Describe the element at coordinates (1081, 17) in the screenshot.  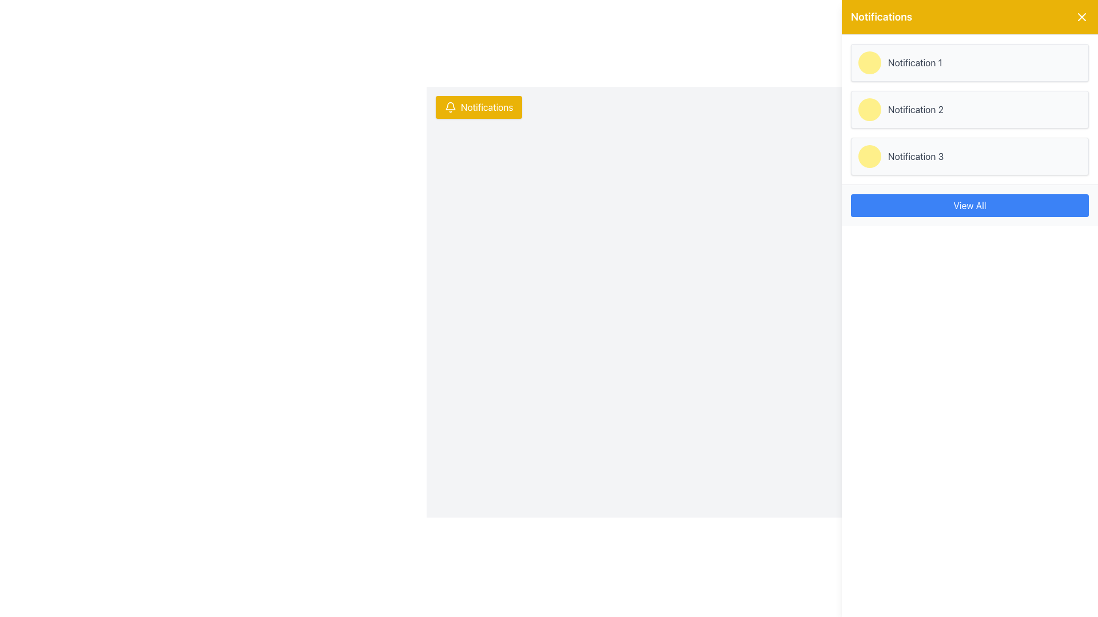
I see `the close icon resembling an 'X' located in the top-right corner of the yellow 'Notifications' header` at that location.